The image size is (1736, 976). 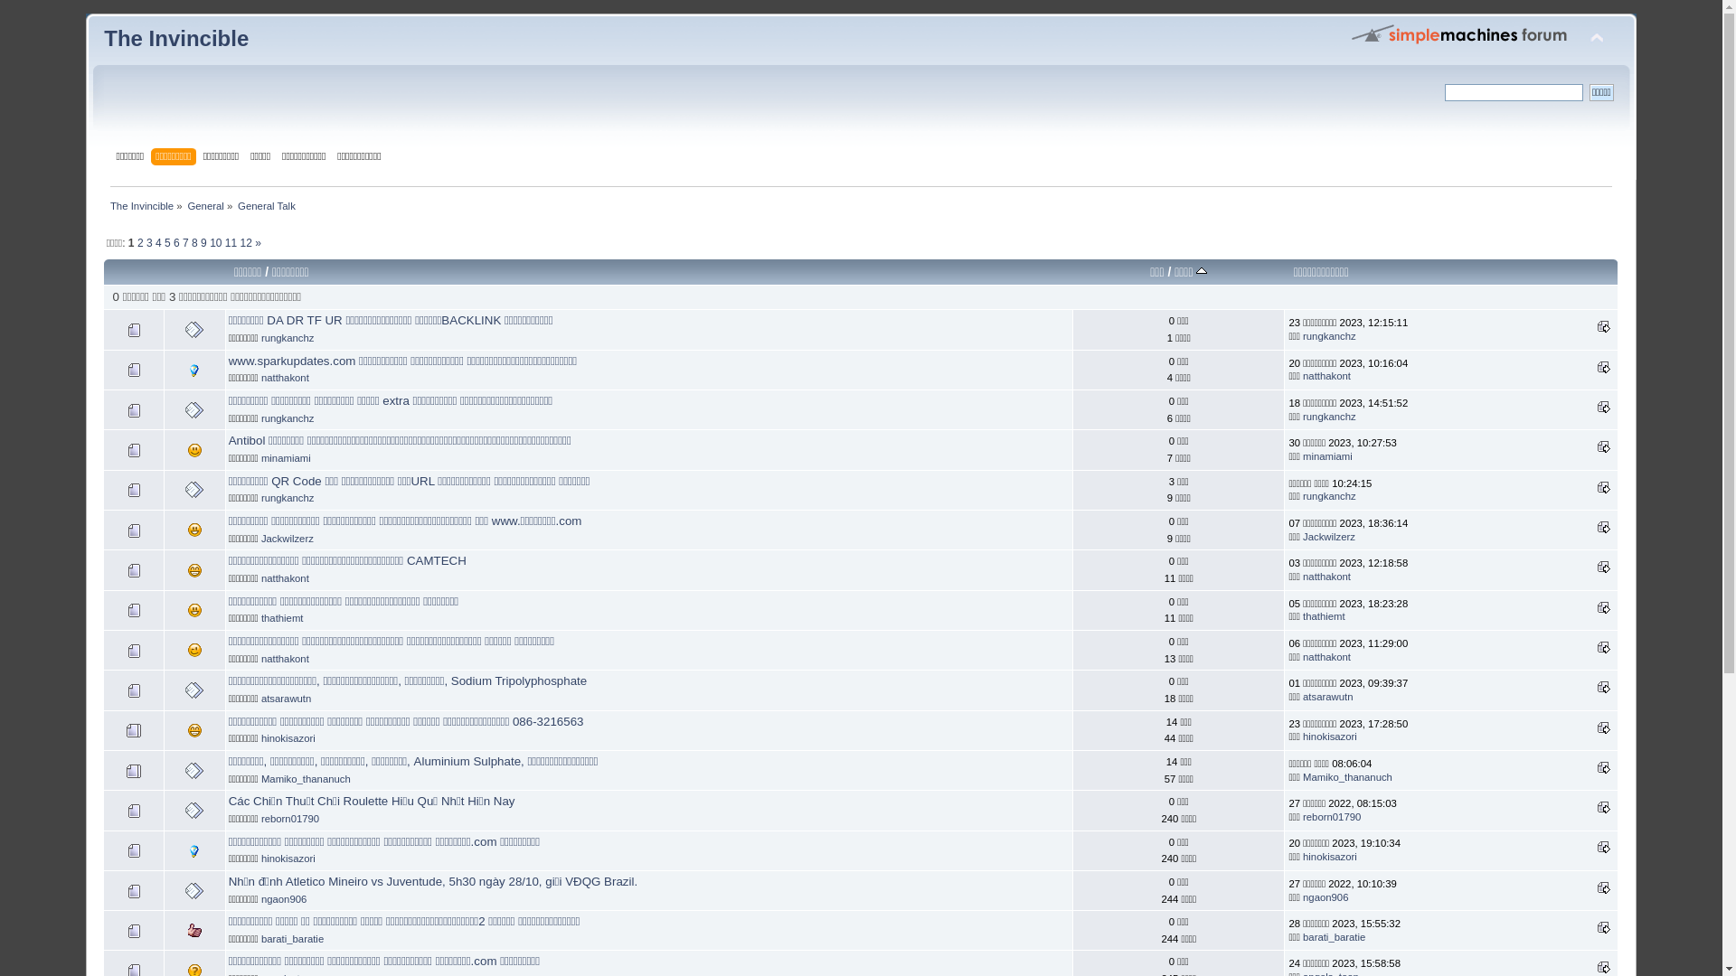 What do you see at coordinates (281, 616) in the screenshot?
I see `'thathiemt'` at bounding box center [281, 616].